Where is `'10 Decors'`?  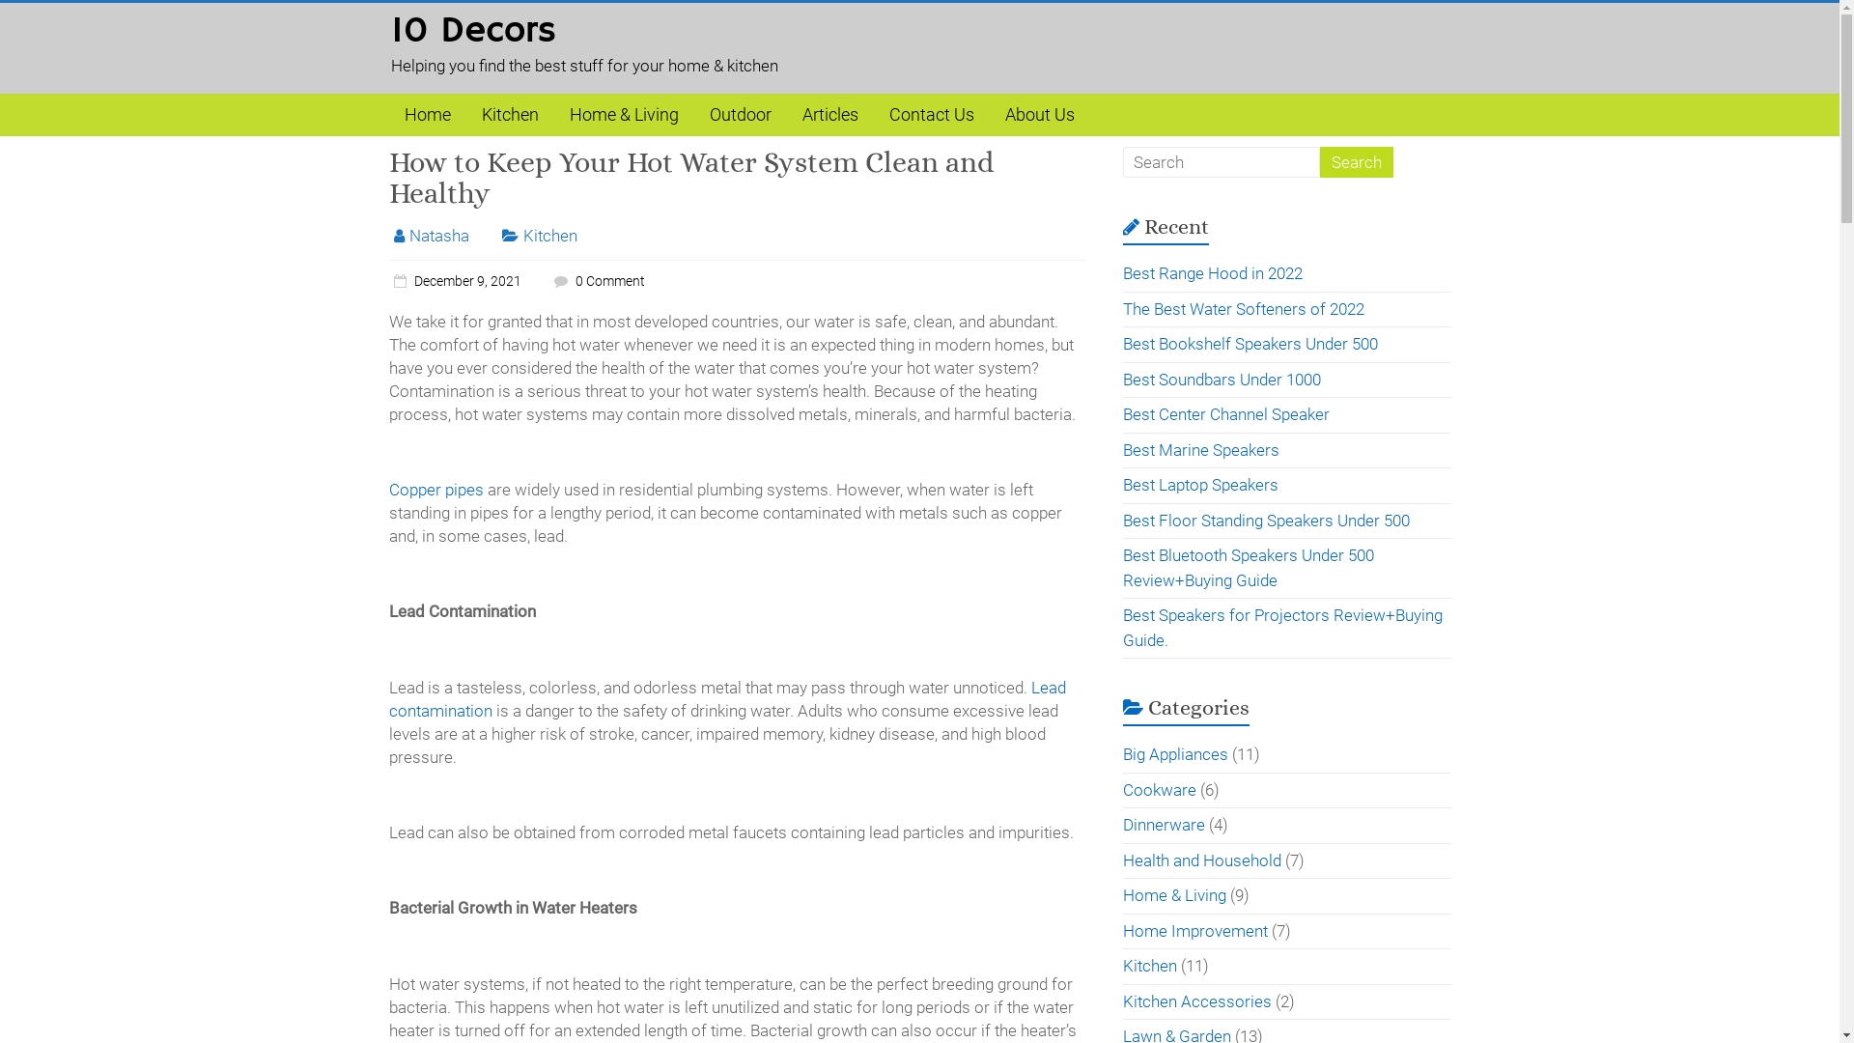
'10 Decors' is located at coordinates (472, 31).